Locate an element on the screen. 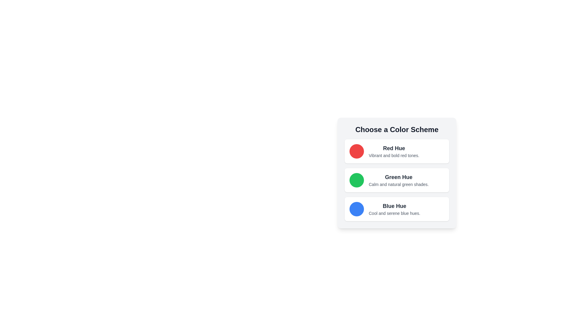 The image size is (578, 325). the text label displaying 'Calm and natural green shades.' which is styled in light gray and positioned below the bold 'Green Hue' label is located at coordinates (399, 184).